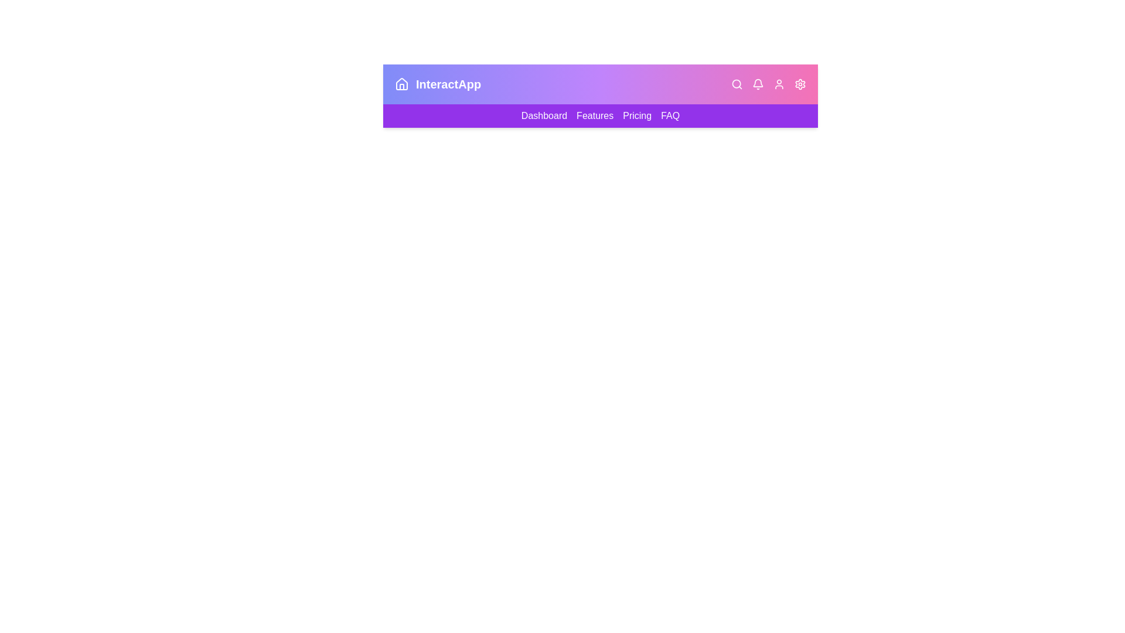 The image size is (1125, 633). I want to click on the notification icon to view notifications, so click(758, 83).